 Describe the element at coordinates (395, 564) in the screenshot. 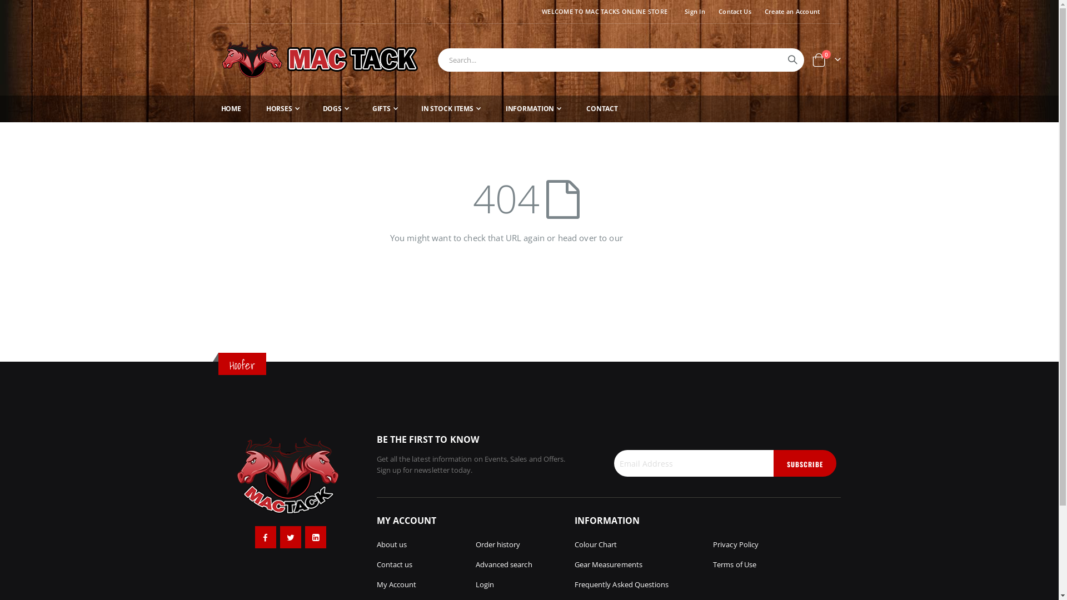

I see `'Contact us'` at that location.